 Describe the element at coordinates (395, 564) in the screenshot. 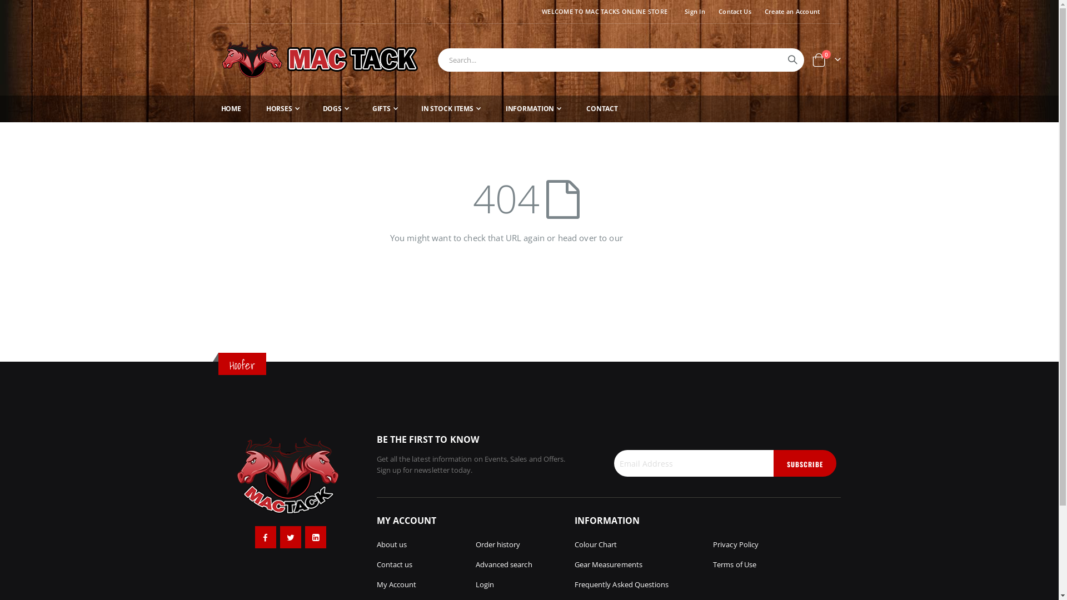

I see `'Contact us'` at that location.